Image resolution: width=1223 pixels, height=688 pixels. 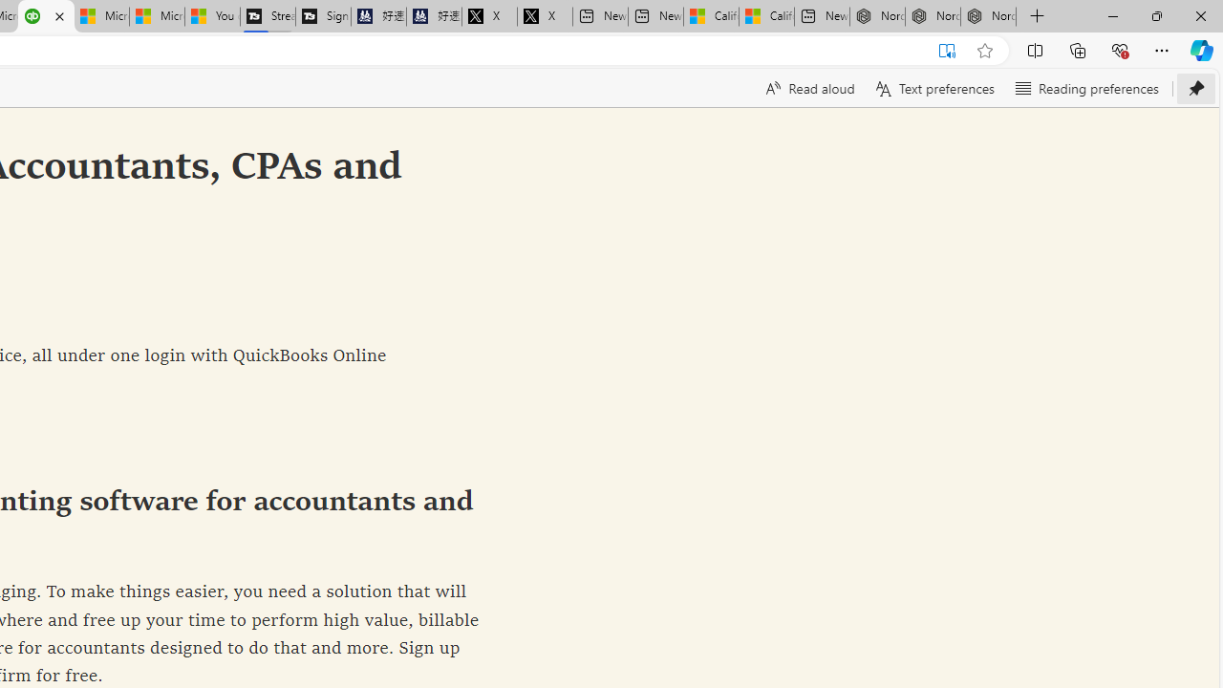 What do you see at coordinates (988, 16) in the screenshot?
I see `'Nordace - Siena Pro 15 Essential Set'` at bounding box center [988, 16].